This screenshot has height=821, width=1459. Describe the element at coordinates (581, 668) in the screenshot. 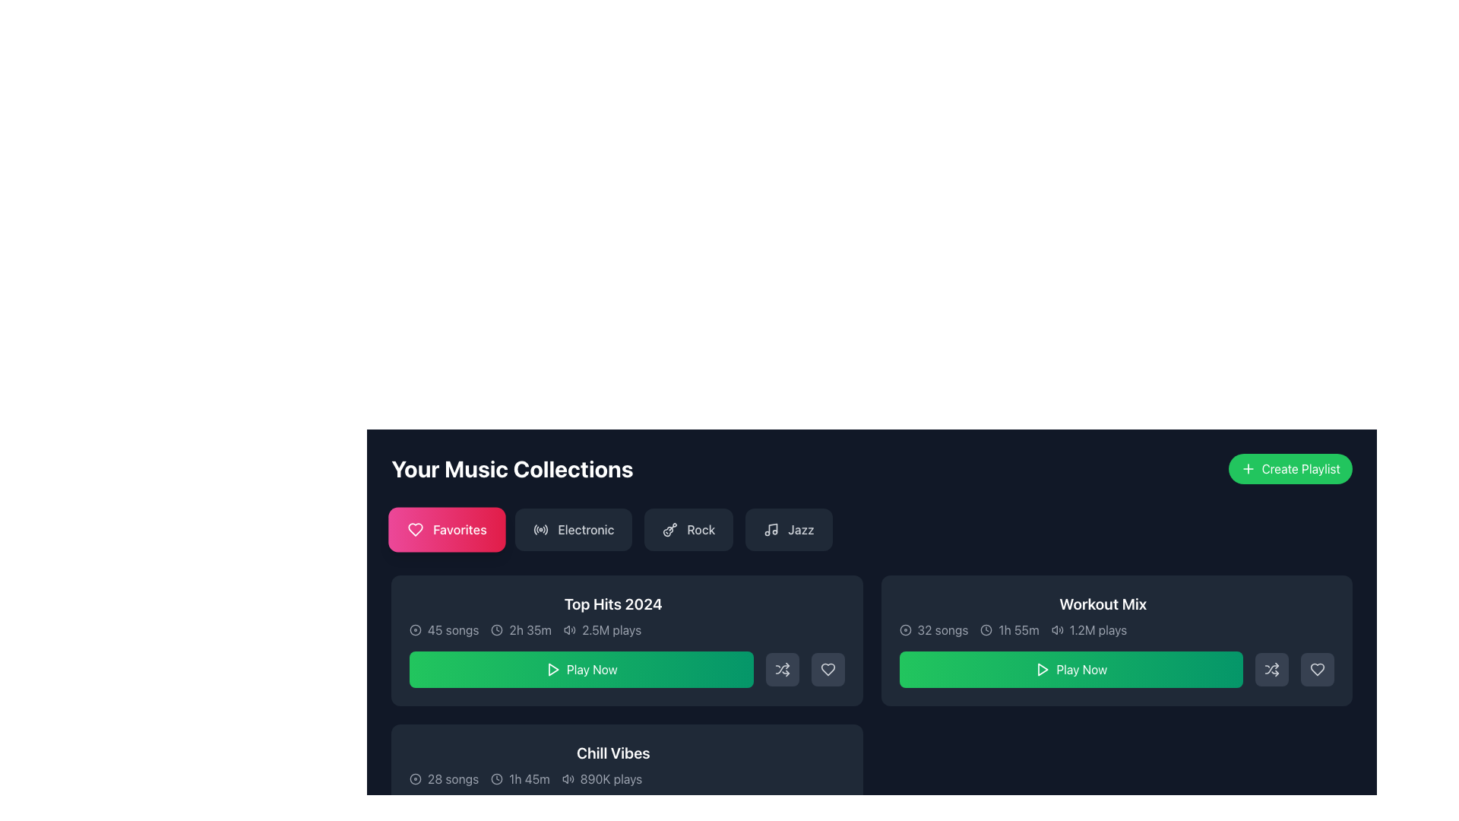

I see `the 'Play Now' button, which is a horizontally rectangular button with a gradient green background and a white play icon, located below the 'Top Hits 2024' section in the music collection interface` at that location.